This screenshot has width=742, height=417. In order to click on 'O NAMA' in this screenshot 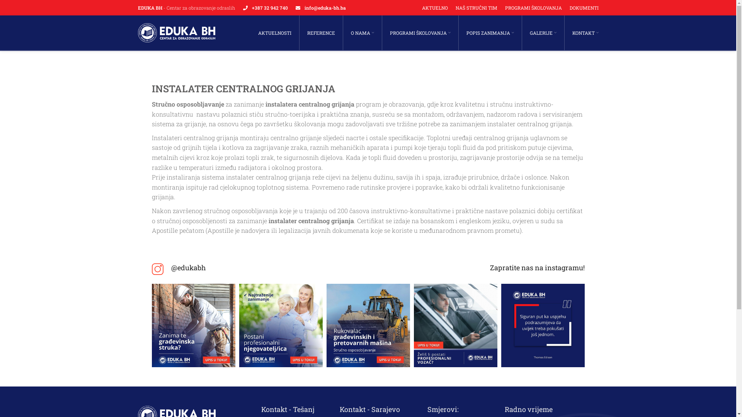, I will do `click(362, 32)`.